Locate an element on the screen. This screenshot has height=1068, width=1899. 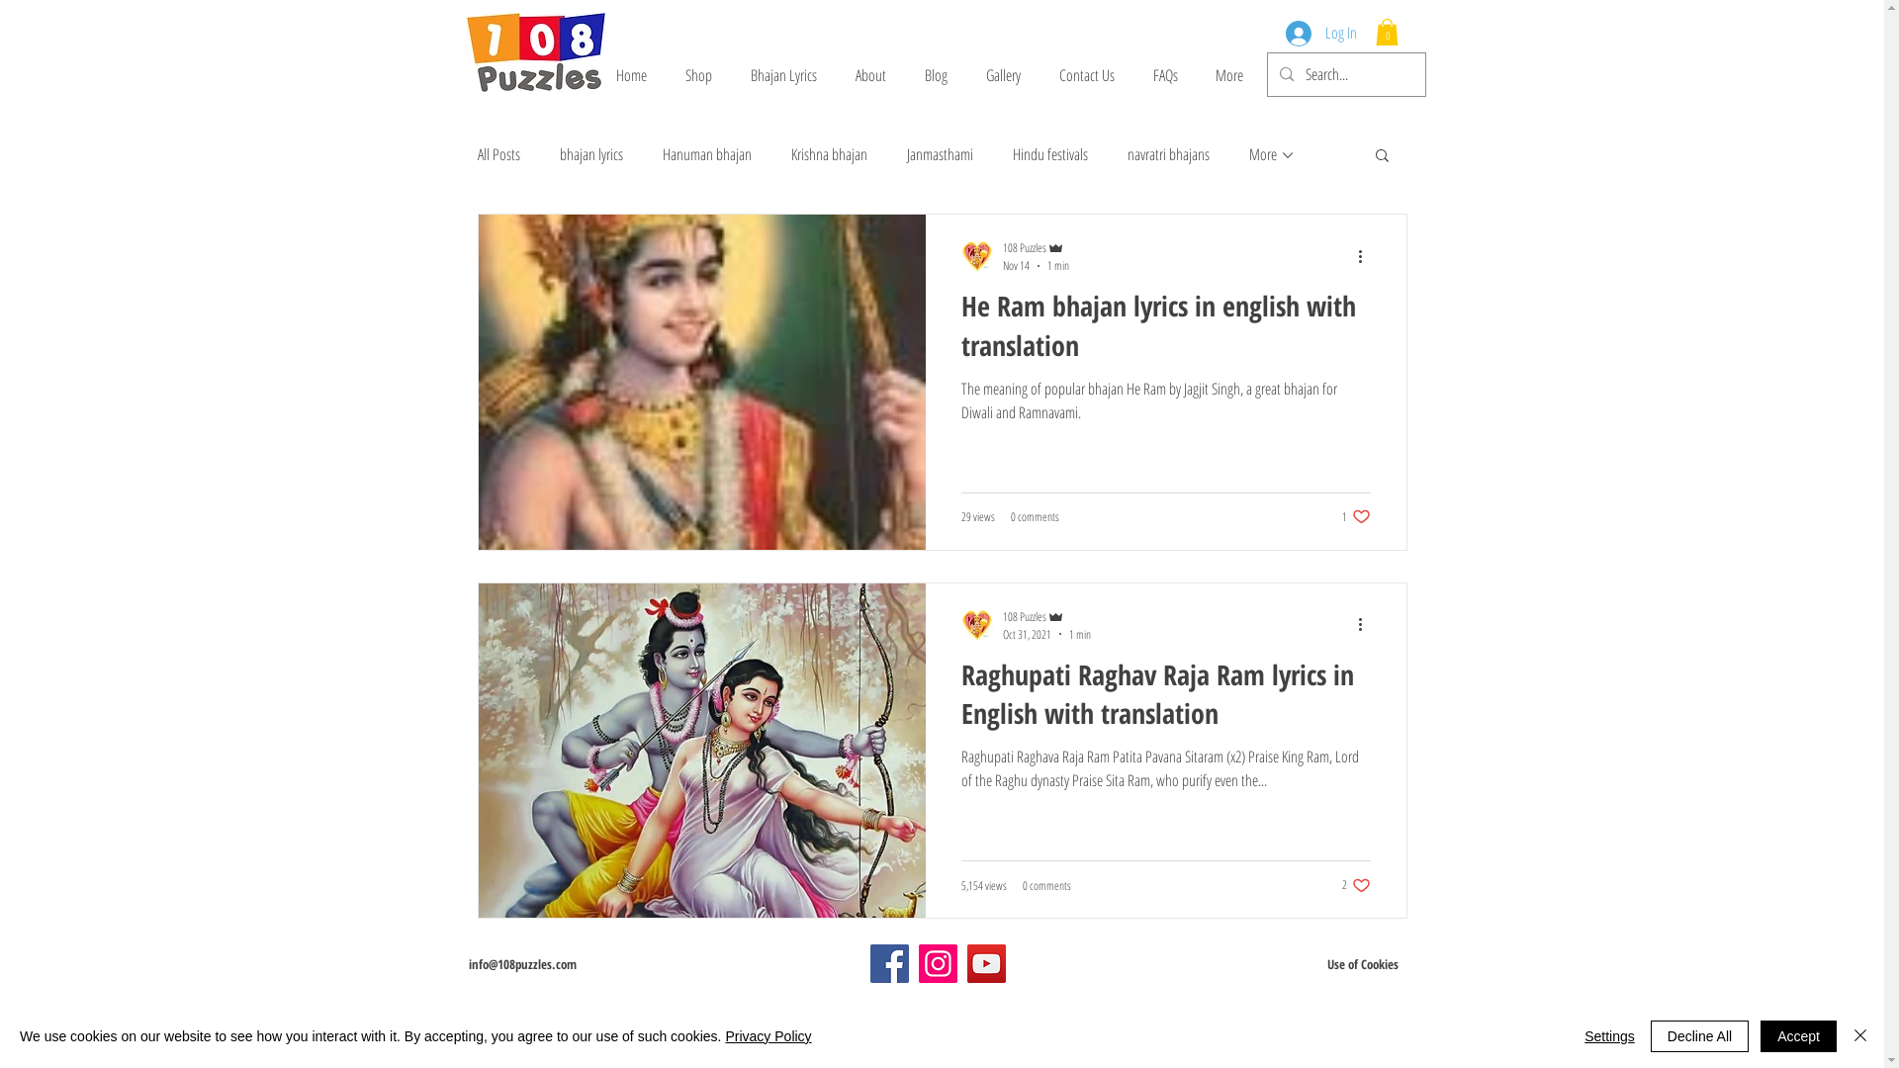
'About' is located at coordinates (870, 74).